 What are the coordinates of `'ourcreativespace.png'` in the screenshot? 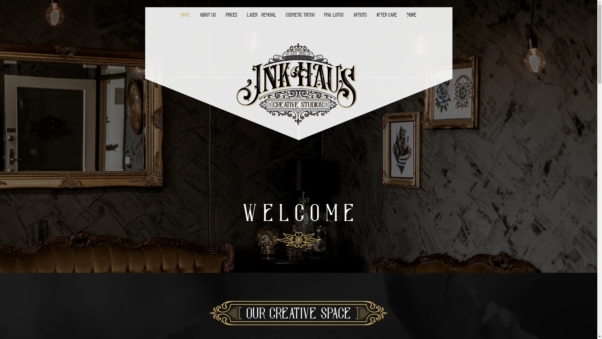 It's located at (298, 313).